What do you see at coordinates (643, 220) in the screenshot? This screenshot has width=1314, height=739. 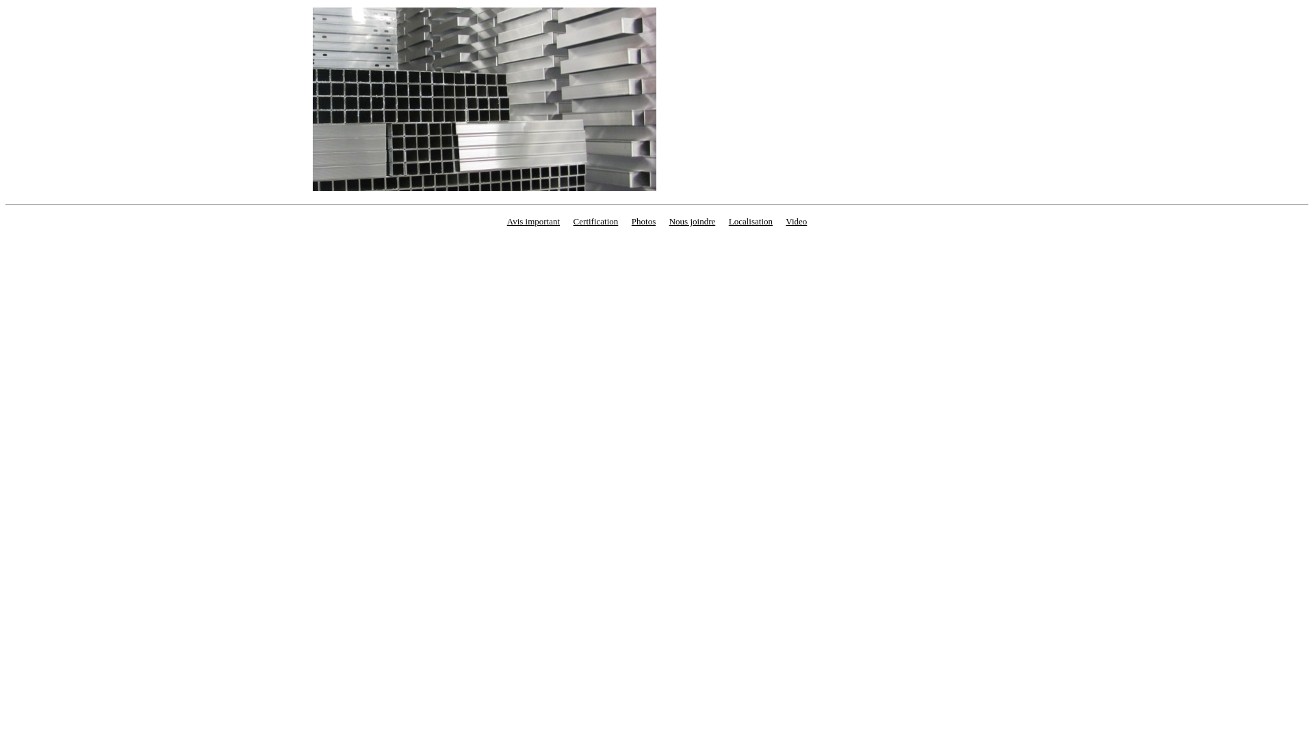 I see `'Photos'` at bounding box center [643, 220].